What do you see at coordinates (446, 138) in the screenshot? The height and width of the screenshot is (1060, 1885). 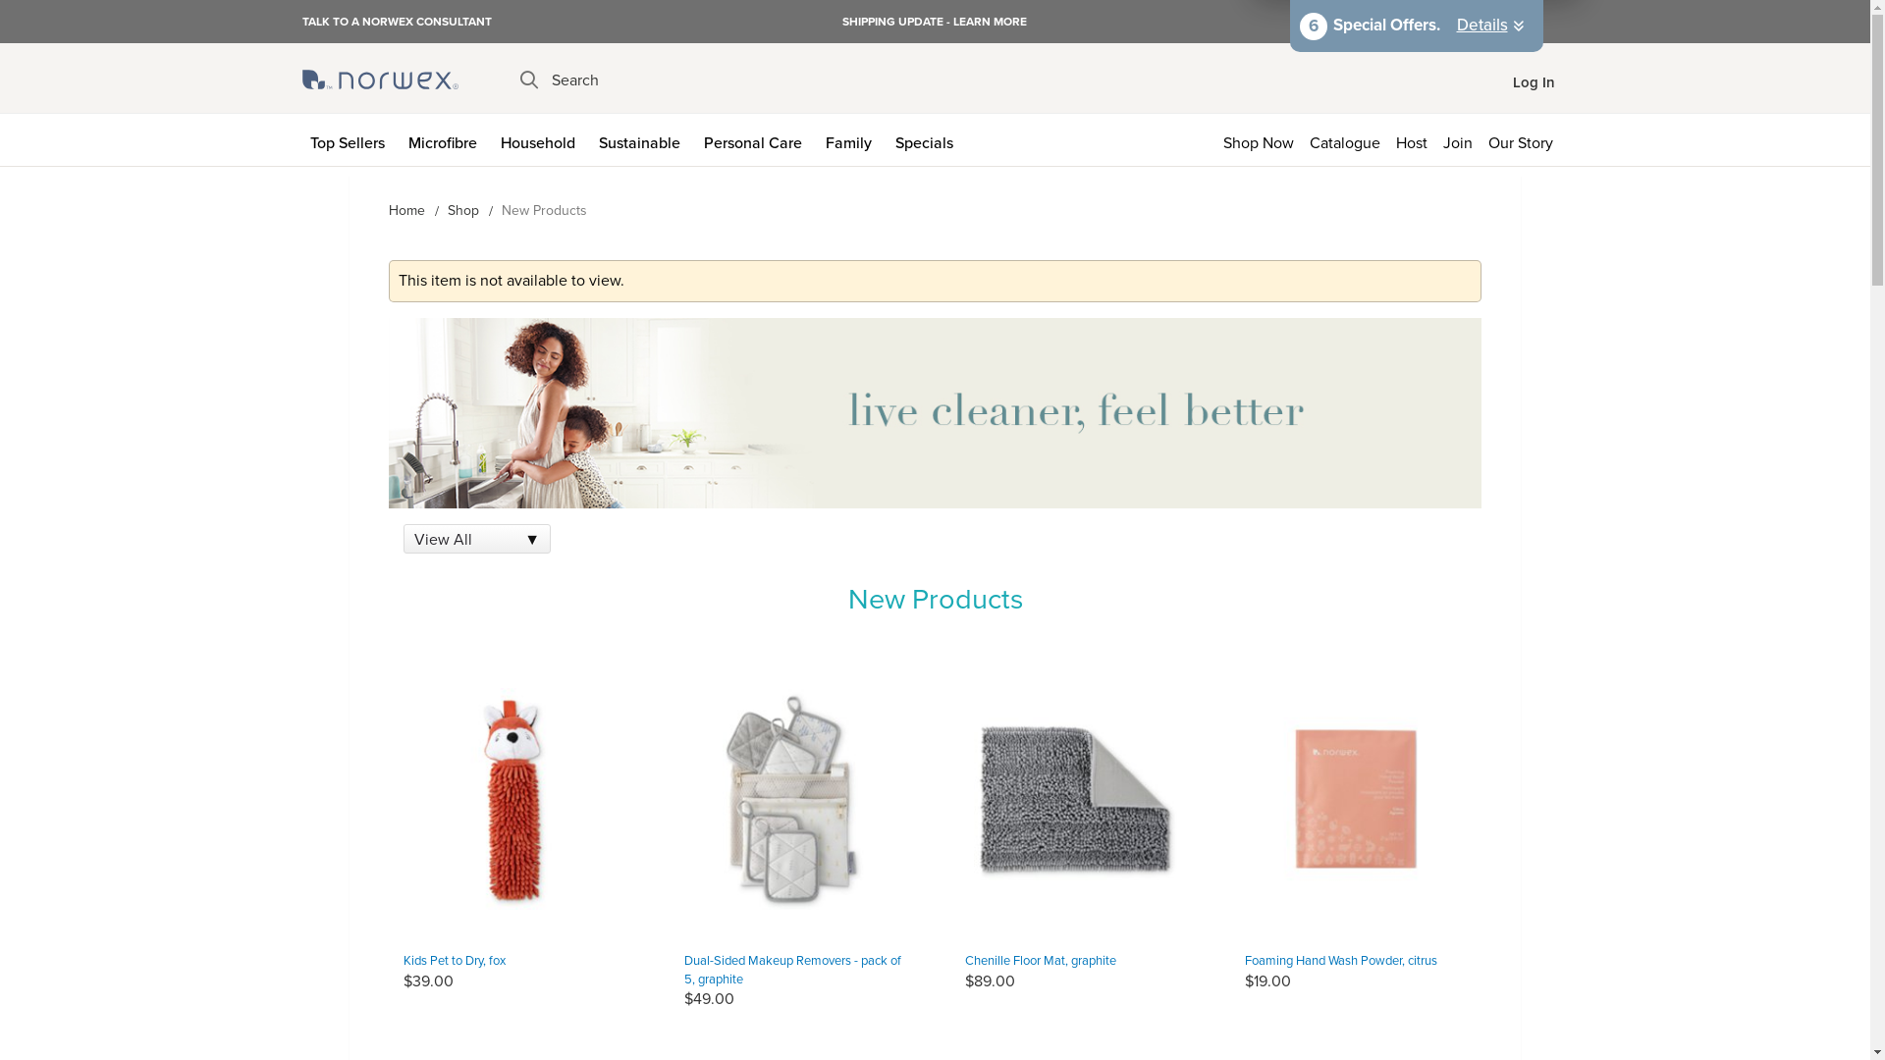 I see `'Microfibre'` at bounding box center [446, 138].